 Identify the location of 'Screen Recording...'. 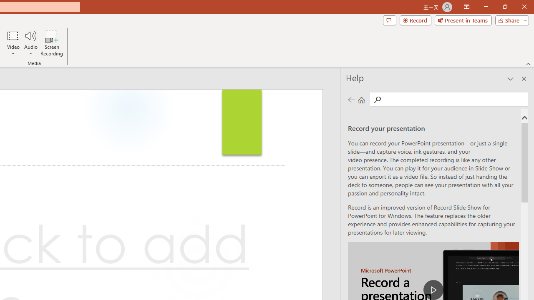
(51, 43).